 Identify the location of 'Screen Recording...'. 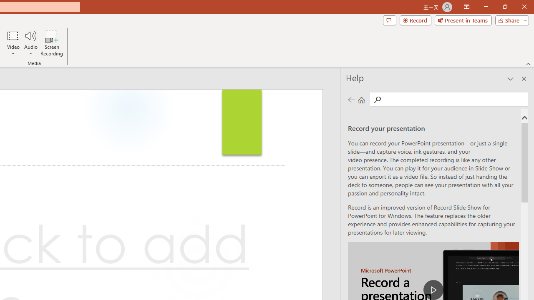
(51, 43).